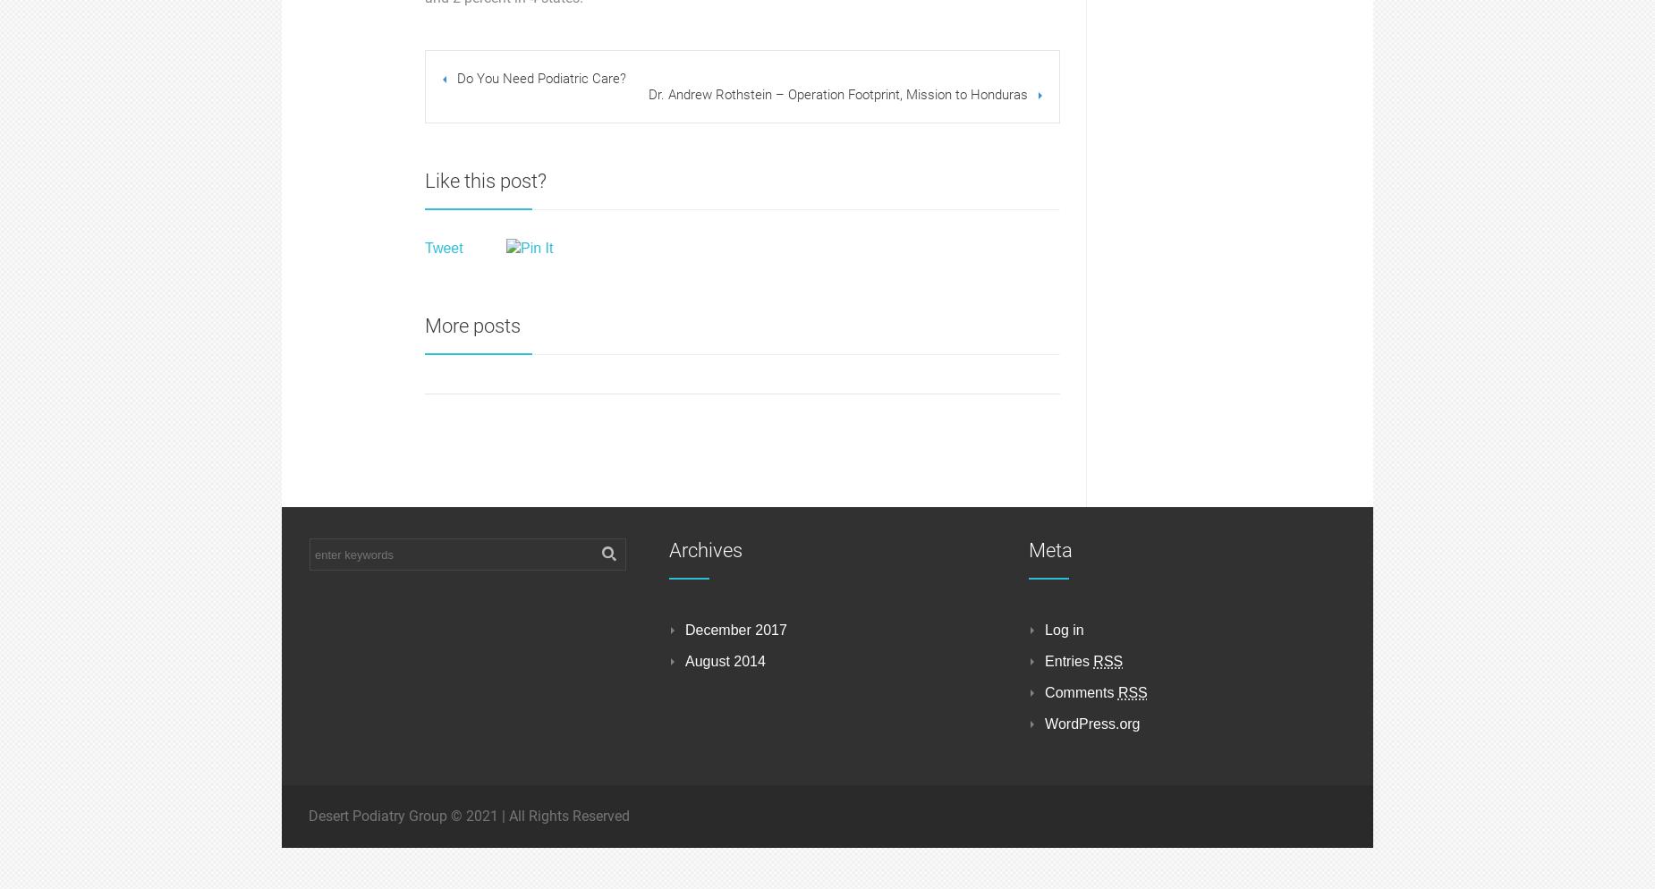  What do you see at coordinates (469, 815) in the screenshot?
I see `'Desert Podiatry Group © 2021 | All Rights Reserved'` at bounding box center [469, 815].